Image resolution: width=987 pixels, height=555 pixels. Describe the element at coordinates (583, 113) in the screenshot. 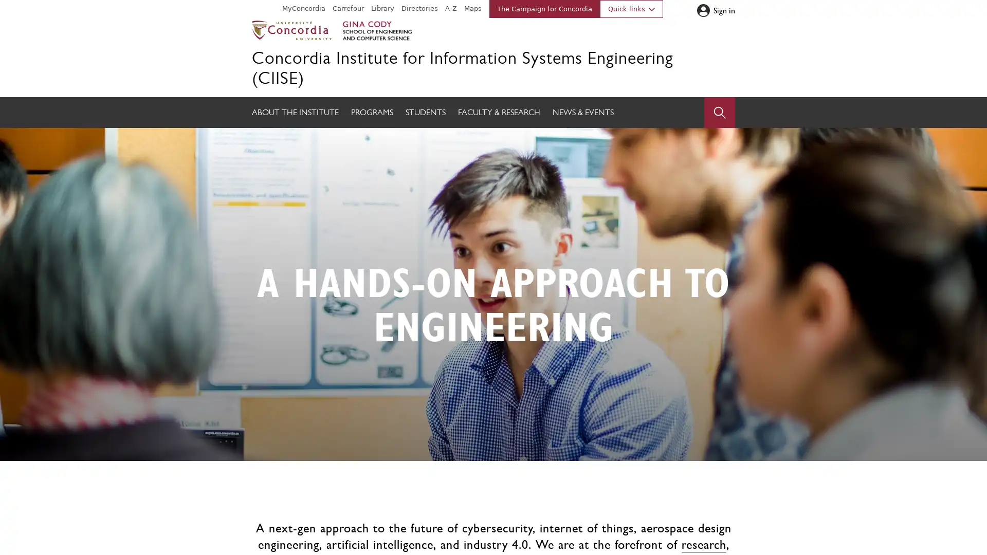

I see `NEWS & EVENTS` at that location.